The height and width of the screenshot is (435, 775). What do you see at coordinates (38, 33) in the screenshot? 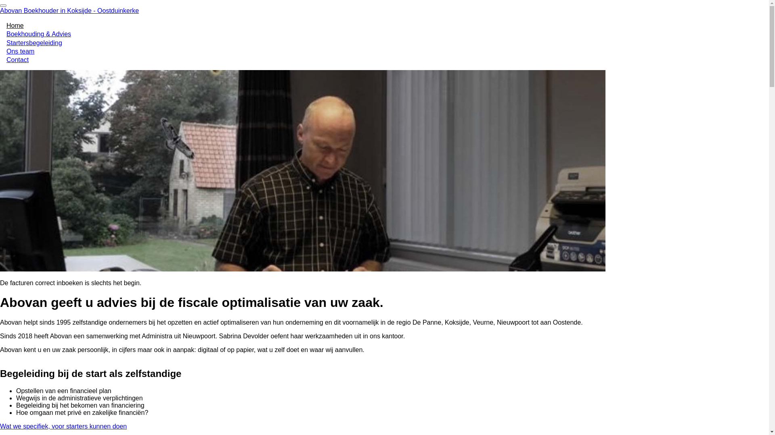
I see `'Boekhouding & Advies'` at bounding box center [38, 33].